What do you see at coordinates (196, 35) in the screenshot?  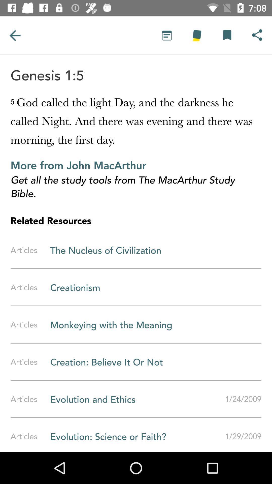 I see `highlight passage` at bounding box center [196, 35].